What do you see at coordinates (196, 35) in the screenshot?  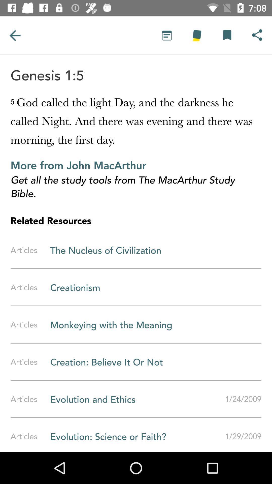 I see `highlight passage` at bounding box center [196, 35].